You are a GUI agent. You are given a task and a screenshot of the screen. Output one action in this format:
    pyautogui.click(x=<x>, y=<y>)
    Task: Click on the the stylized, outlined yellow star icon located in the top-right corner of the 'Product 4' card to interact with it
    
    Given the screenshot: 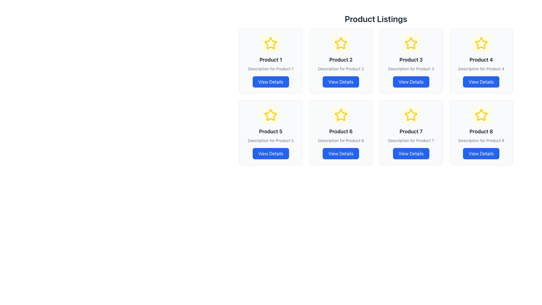 What is the action you would take?
    pyautogui.click(x=481, y=43)
    